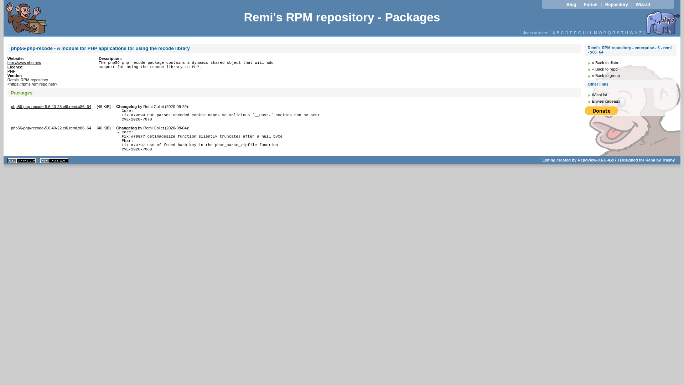  I want to click on 'Remi', so click(650, 159).